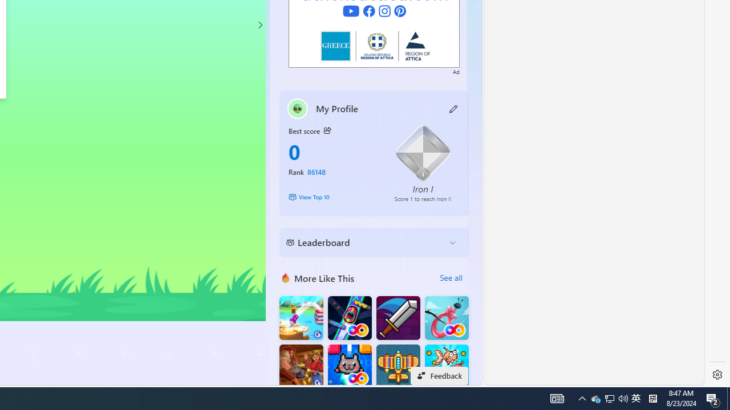 The image size is (730, 410). Describe the element at coordinates (298, 108) in the screenshot. I see `'""'` at that location.